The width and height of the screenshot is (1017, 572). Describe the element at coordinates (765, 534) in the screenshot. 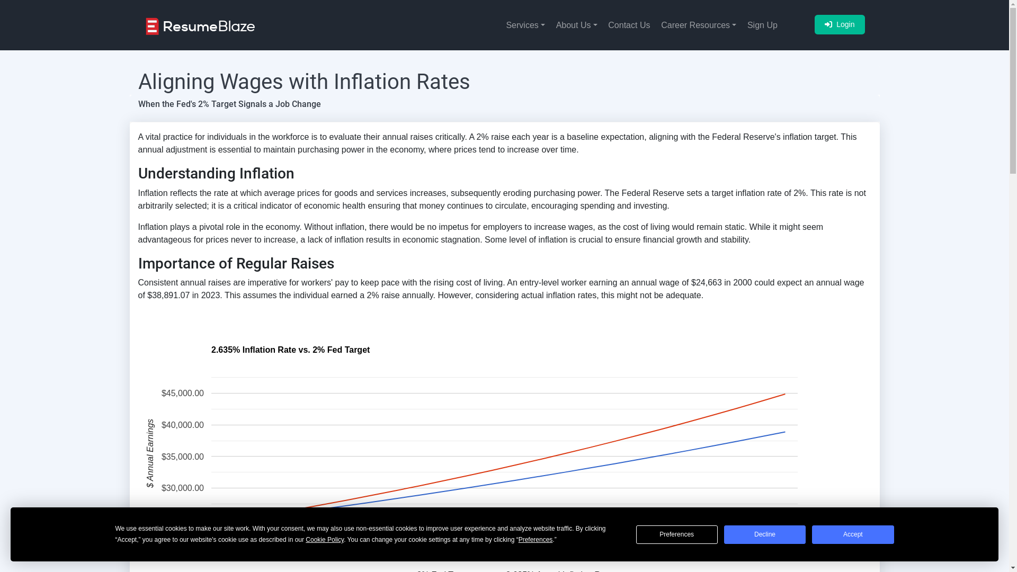

I see `'Decline'` at that location.